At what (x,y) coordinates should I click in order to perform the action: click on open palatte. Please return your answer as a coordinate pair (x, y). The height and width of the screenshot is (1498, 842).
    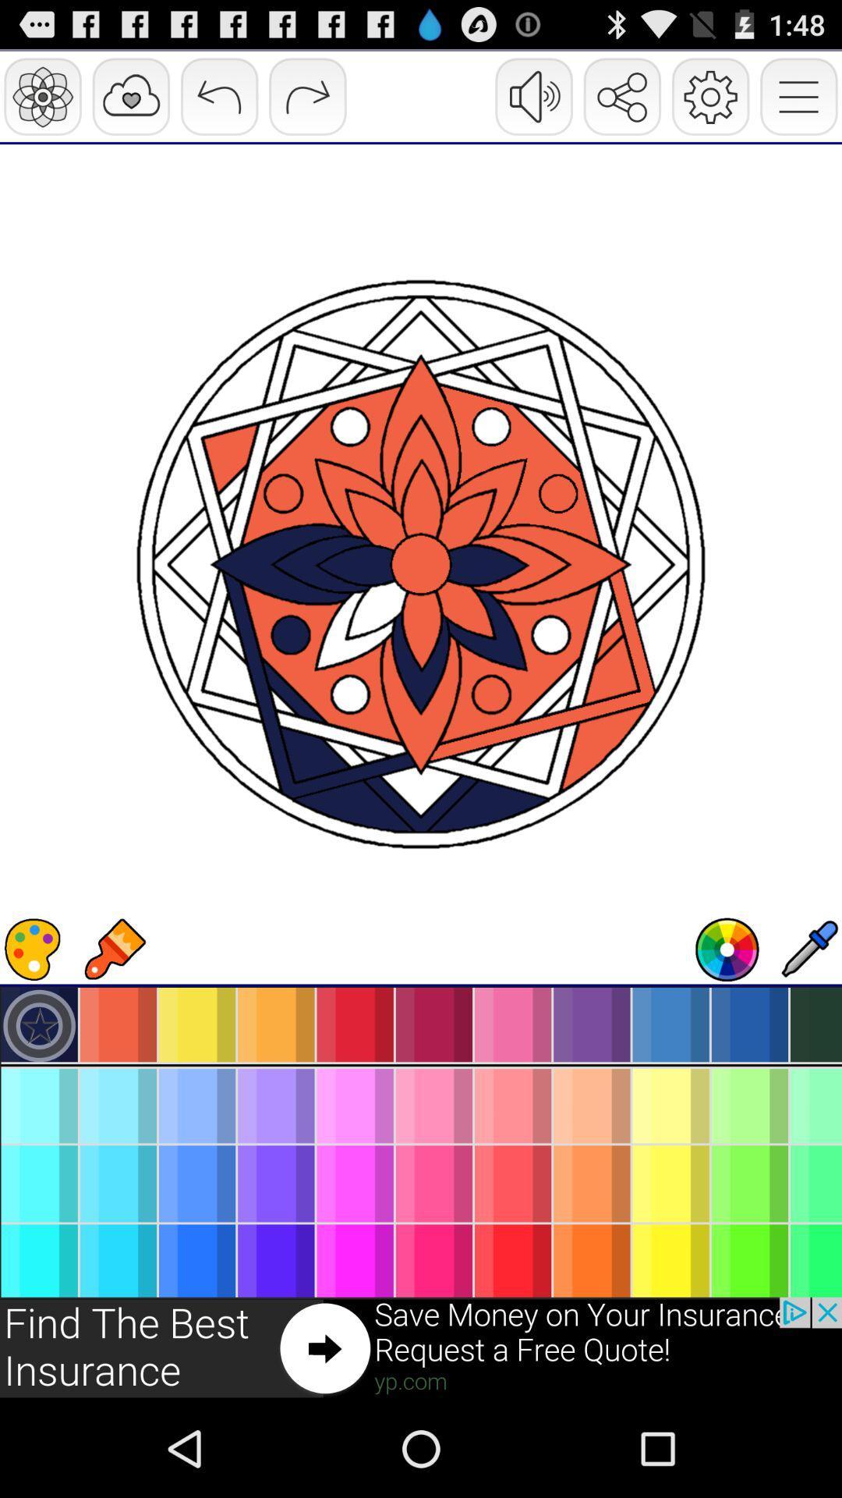
    Looking at the image, I should click on (33, 949).